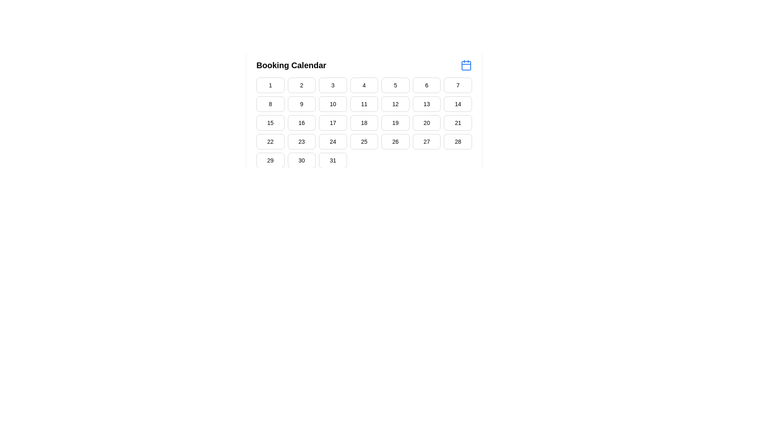 This screenshot has width=784, height=441. What do you see at coordinates (301, 85) in the screenshot?
I see `the button with a black numeral '2' centered inside, which is the second item in the first row of a 7-column grid layout` at bounding box center [301, 85].